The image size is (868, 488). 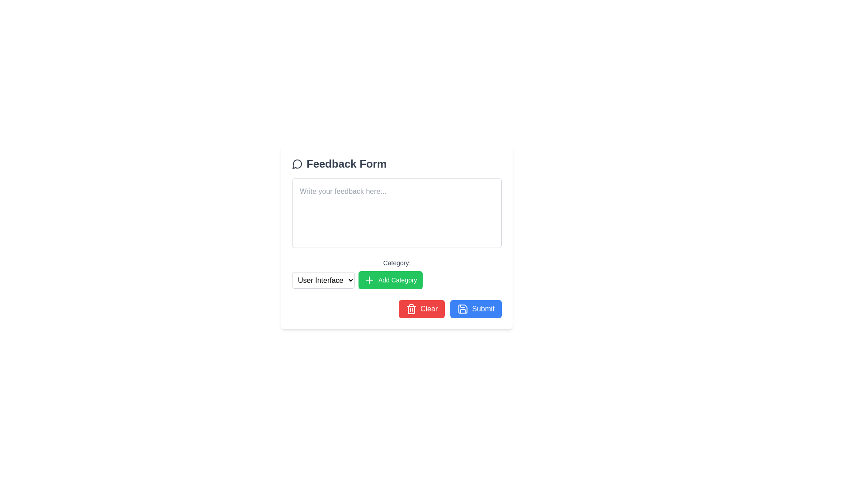 I want to click on the dropdown menu positioned beneath the 'Category:' label, so click(x=323, y=280).